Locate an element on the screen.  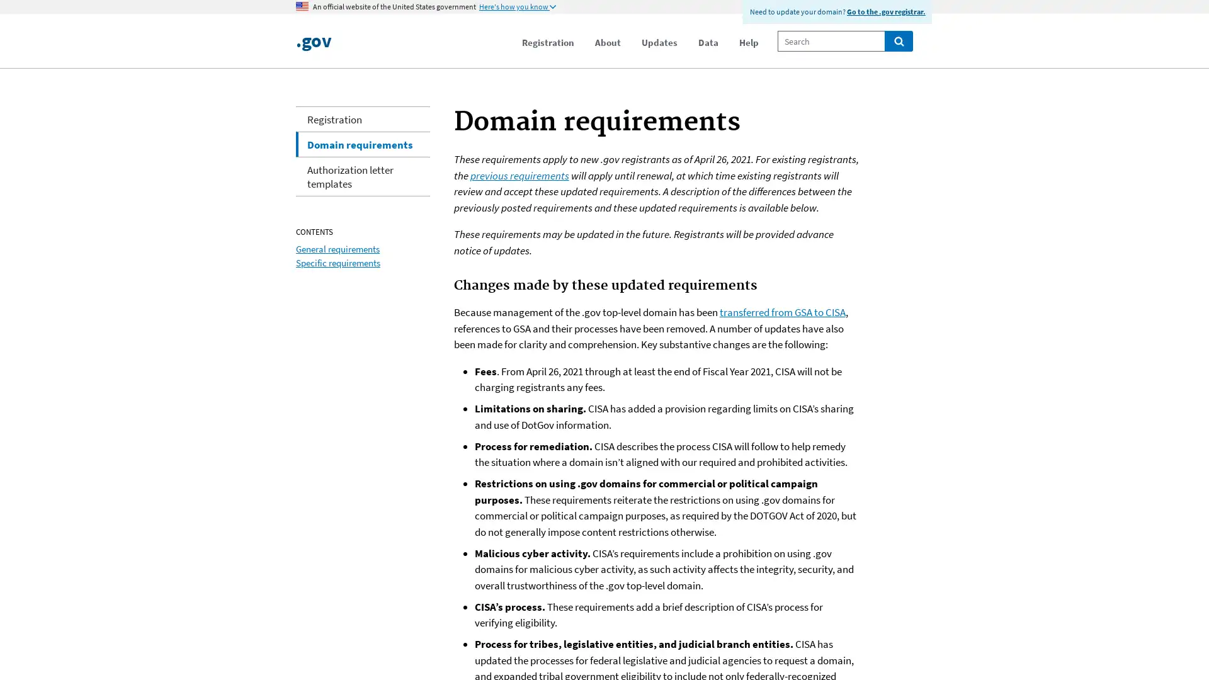
Here's how you know is located at coordinates (517, 7).